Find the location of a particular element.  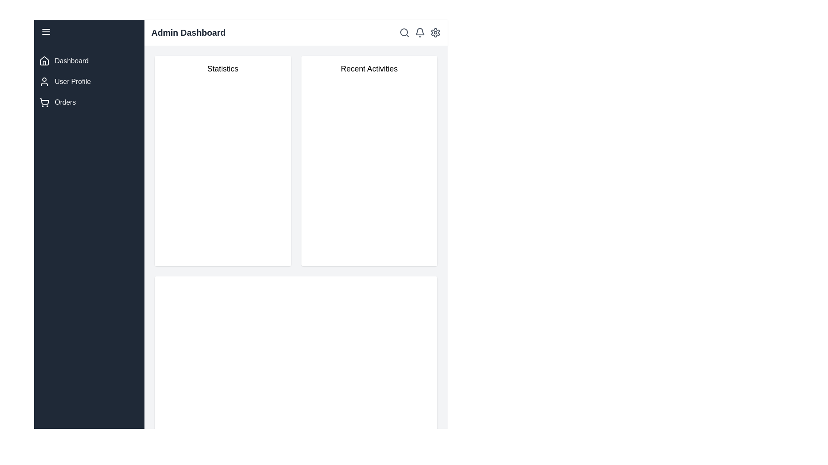

the 'Dashboard' text label in the sidebar navigation menu is located at coordinates (72, 61).